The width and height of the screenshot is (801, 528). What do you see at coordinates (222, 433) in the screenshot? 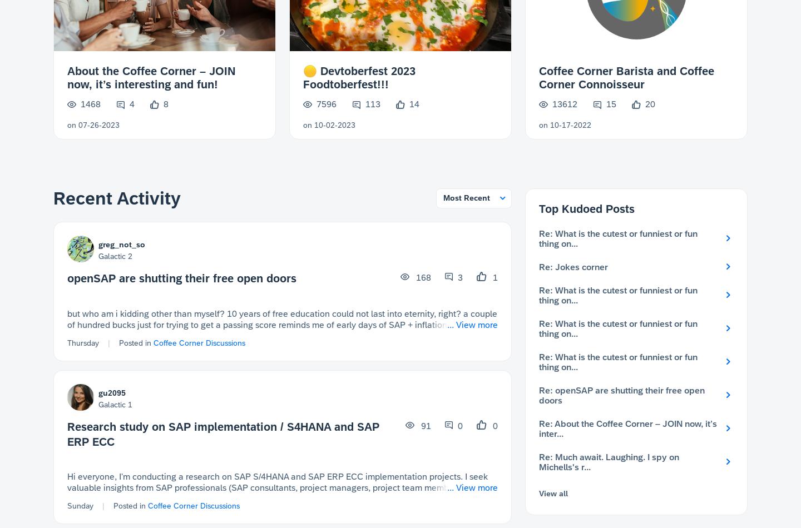
I see `'Research study on SAP implementation / S4HANA and SAP ERP ECC'` at bounding box center [222, 433].